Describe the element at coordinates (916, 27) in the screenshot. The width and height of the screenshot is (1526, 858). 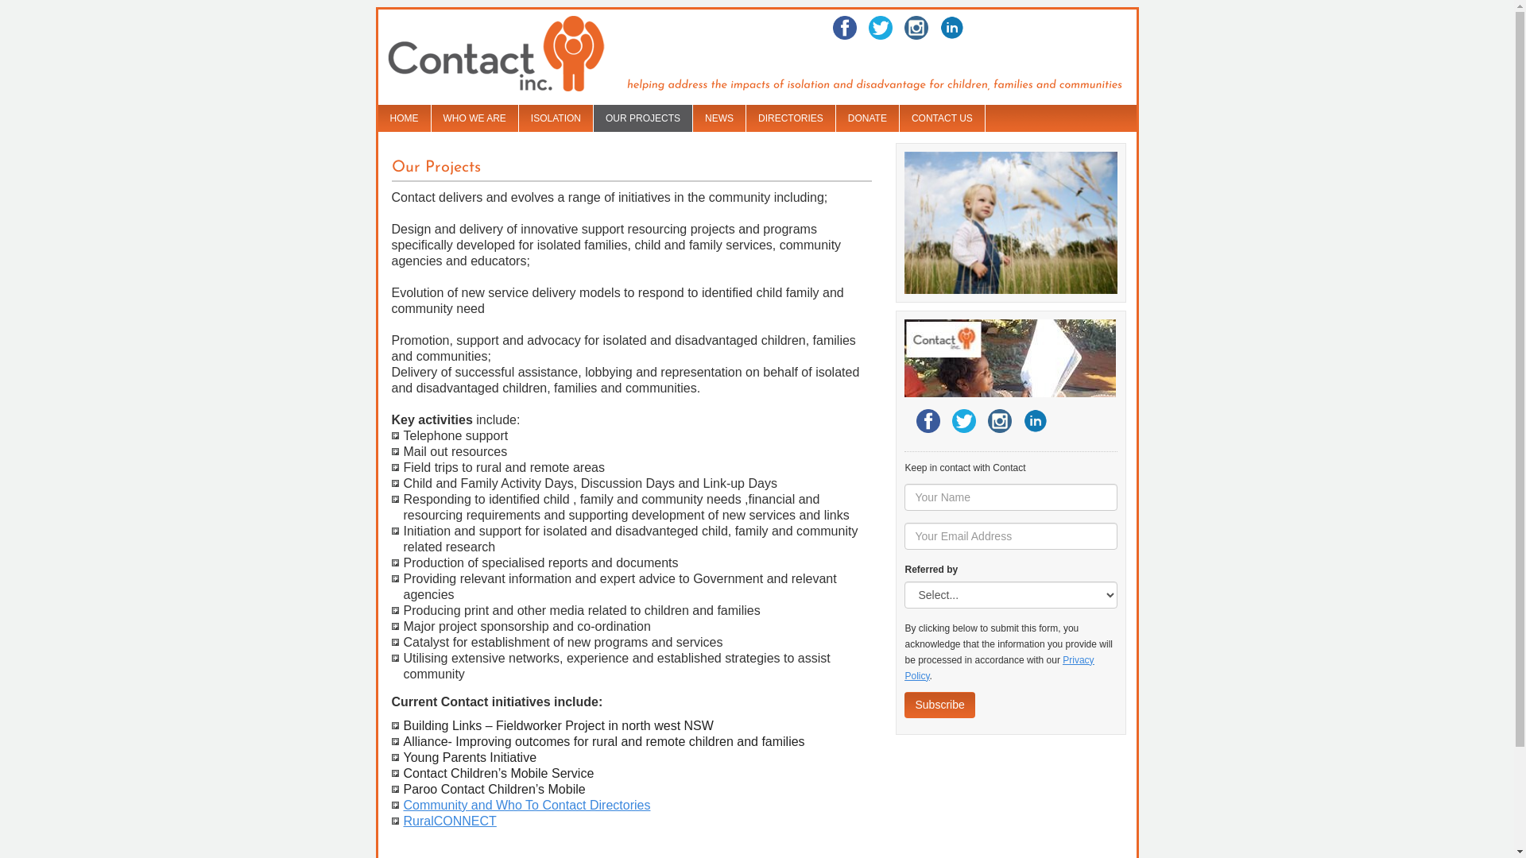
I see `'Twitter'` at that location.